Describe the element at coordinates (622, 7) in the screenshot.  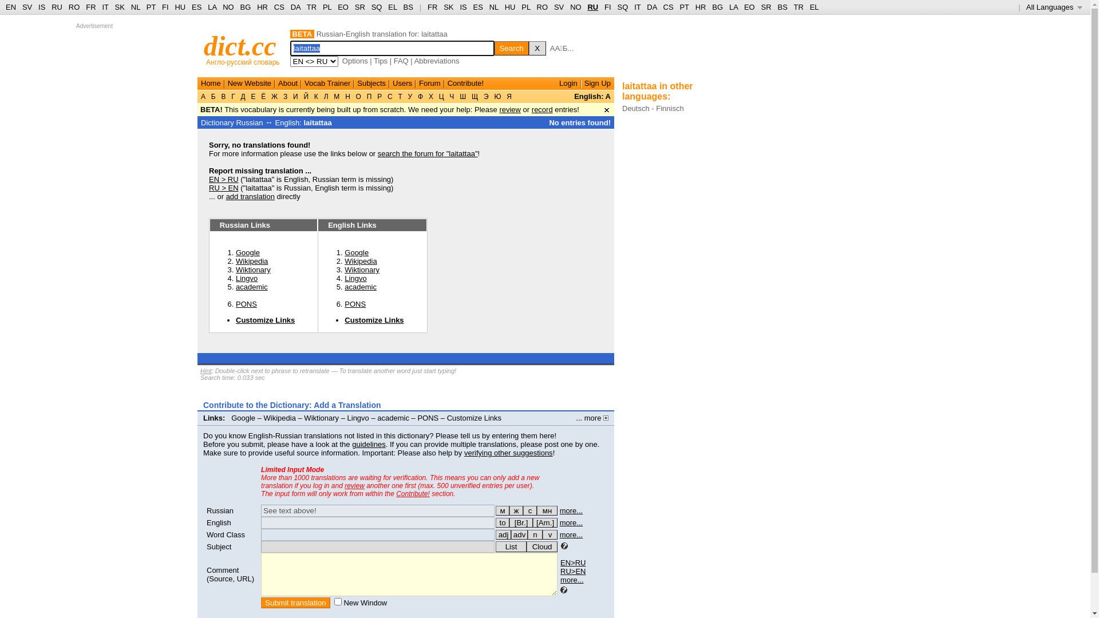
I see `'SQ'` at that location.